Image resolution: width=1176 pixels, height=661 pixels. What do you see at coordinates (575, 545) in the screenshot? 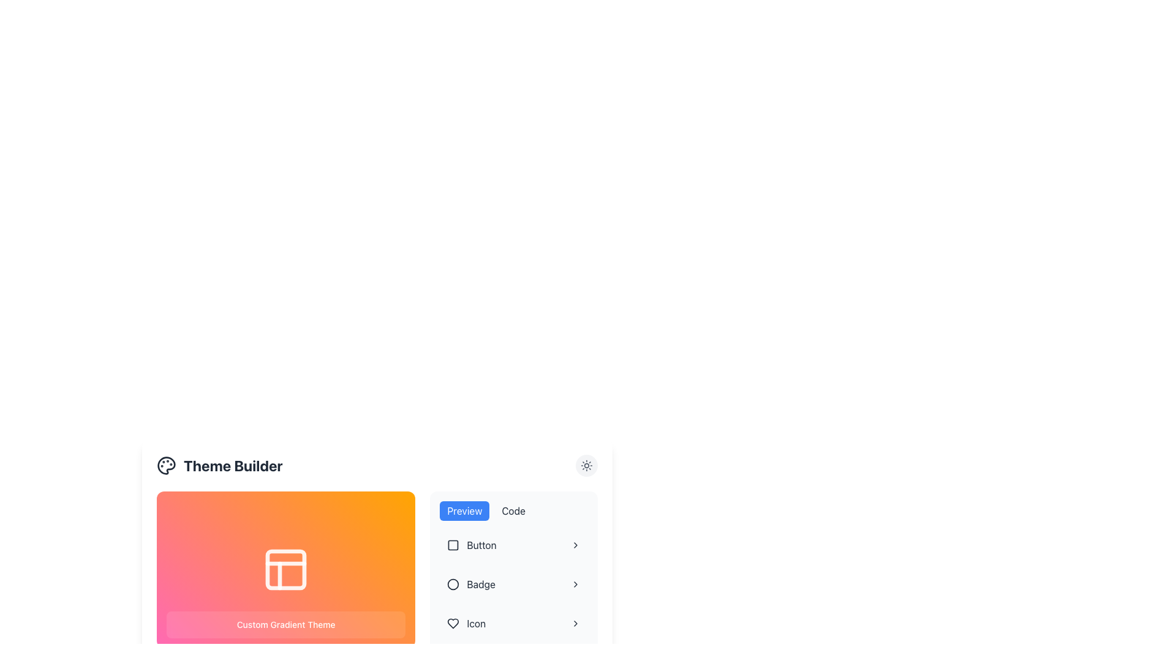
I see `the chevron icon located at the rightmost position in the button labeled 'Button'` at bounding box center [575, 545].